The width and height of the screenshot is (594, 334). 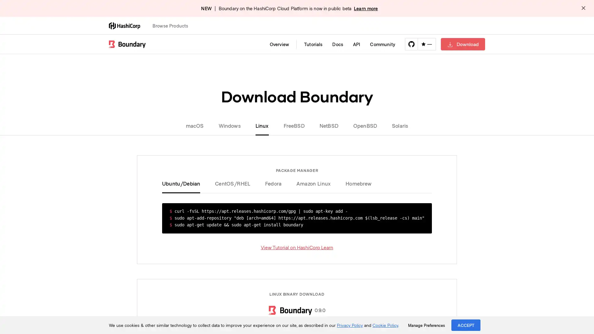 I want to click on FreeBSD, so click(x=294, y=125).